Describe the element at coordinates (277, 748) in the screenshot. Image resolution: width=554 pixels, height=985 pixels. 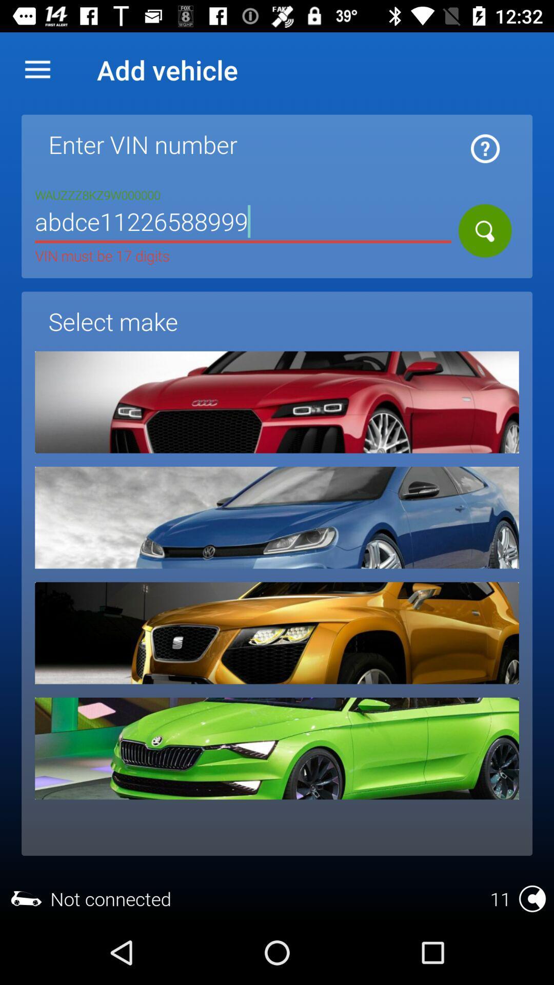
I see `the choice` at that location.